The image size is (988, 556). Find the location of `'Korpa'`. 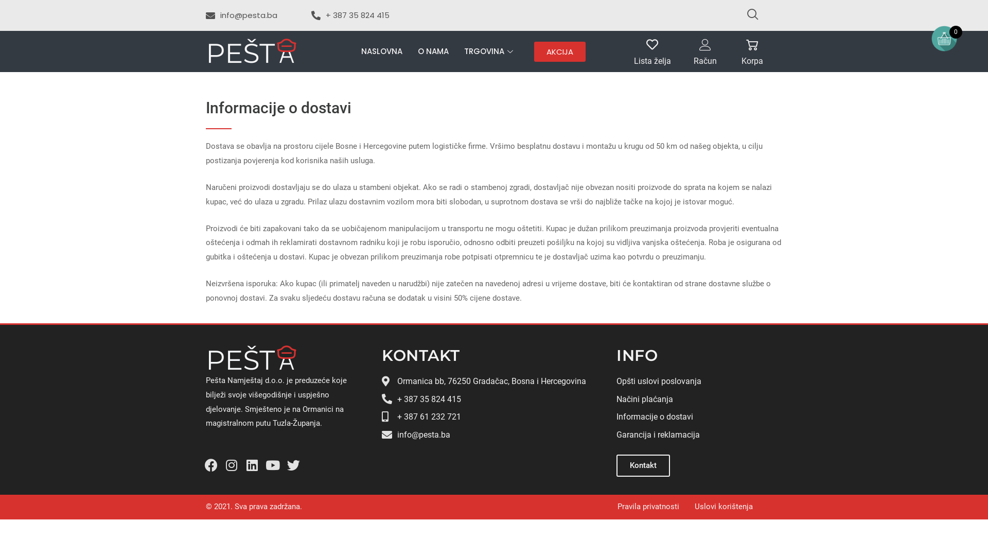

'Korpa' is located at coordinates (752, 61).